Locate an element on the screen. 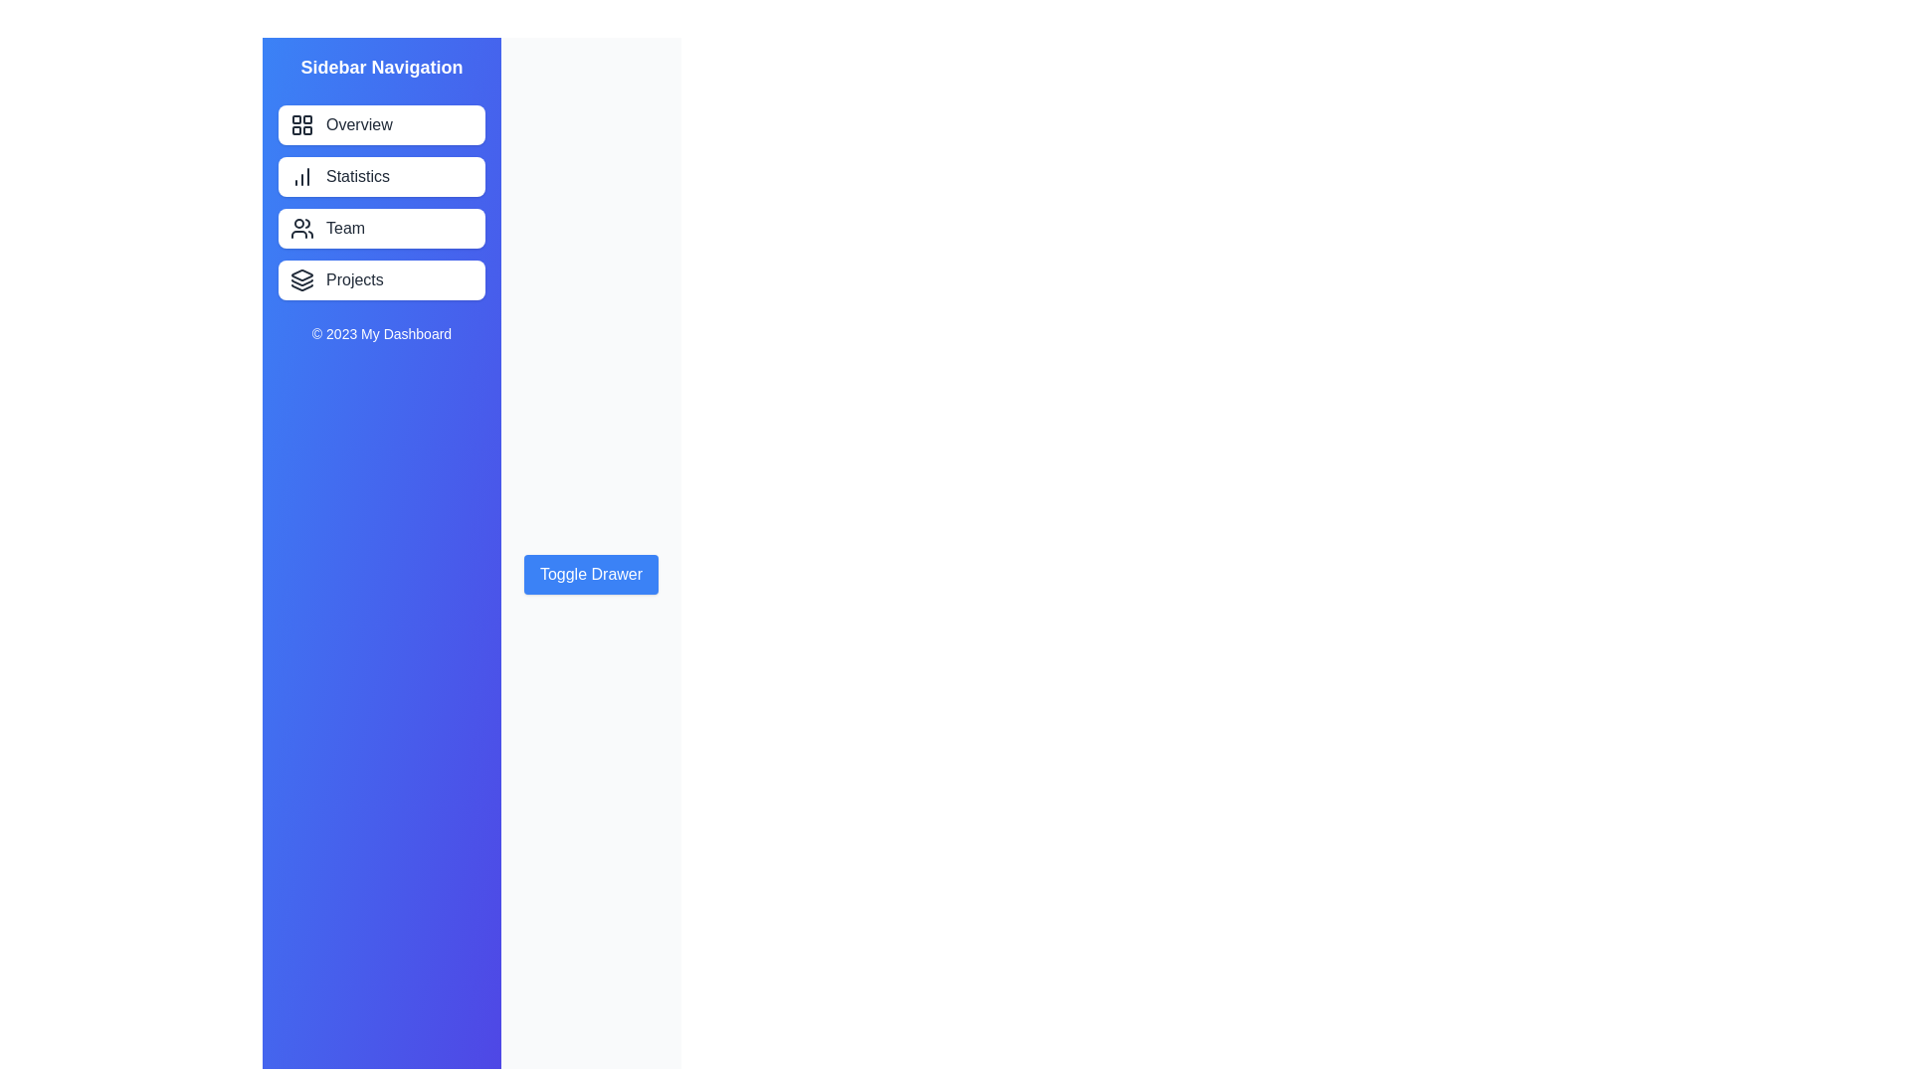 This screenshot has width=1910, height=1074. the sidebar menu item labeled Projects is located at coordinates (382, 279).